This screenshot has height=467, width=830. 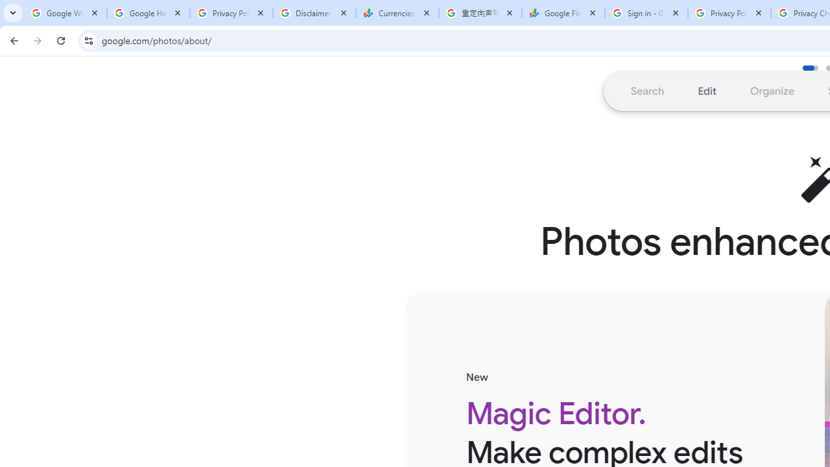 What do you see at coordinates (646, 13) in the screenshot?
I see `'Sign in - Google Accounts'` at bounding box center [646, 13].